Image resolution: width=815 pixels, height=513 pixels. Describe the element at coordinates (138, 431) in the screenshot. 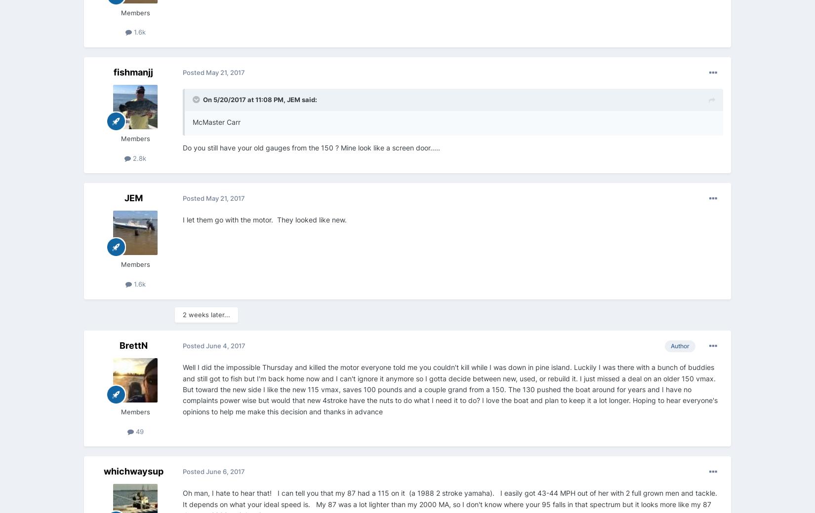

I see `'49'` at that location.